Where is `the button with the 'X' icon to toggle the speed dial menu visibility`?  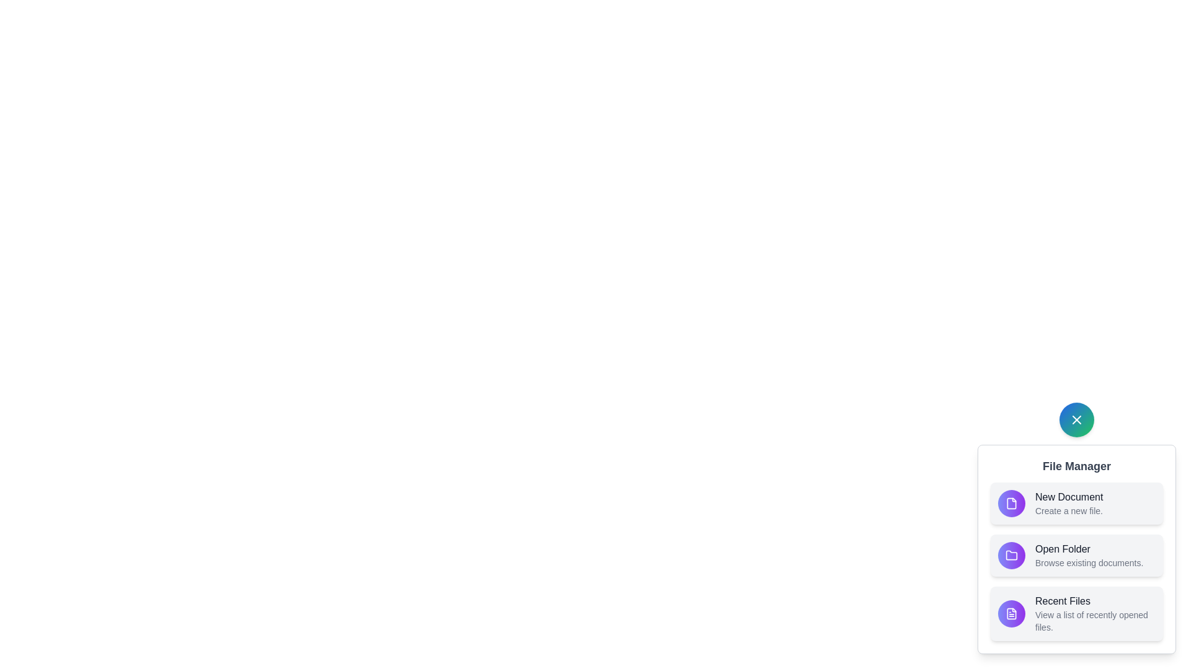 the button with the 'X' icon to toggle the speed dial menu visibility is located at coordinates (1076, 419).